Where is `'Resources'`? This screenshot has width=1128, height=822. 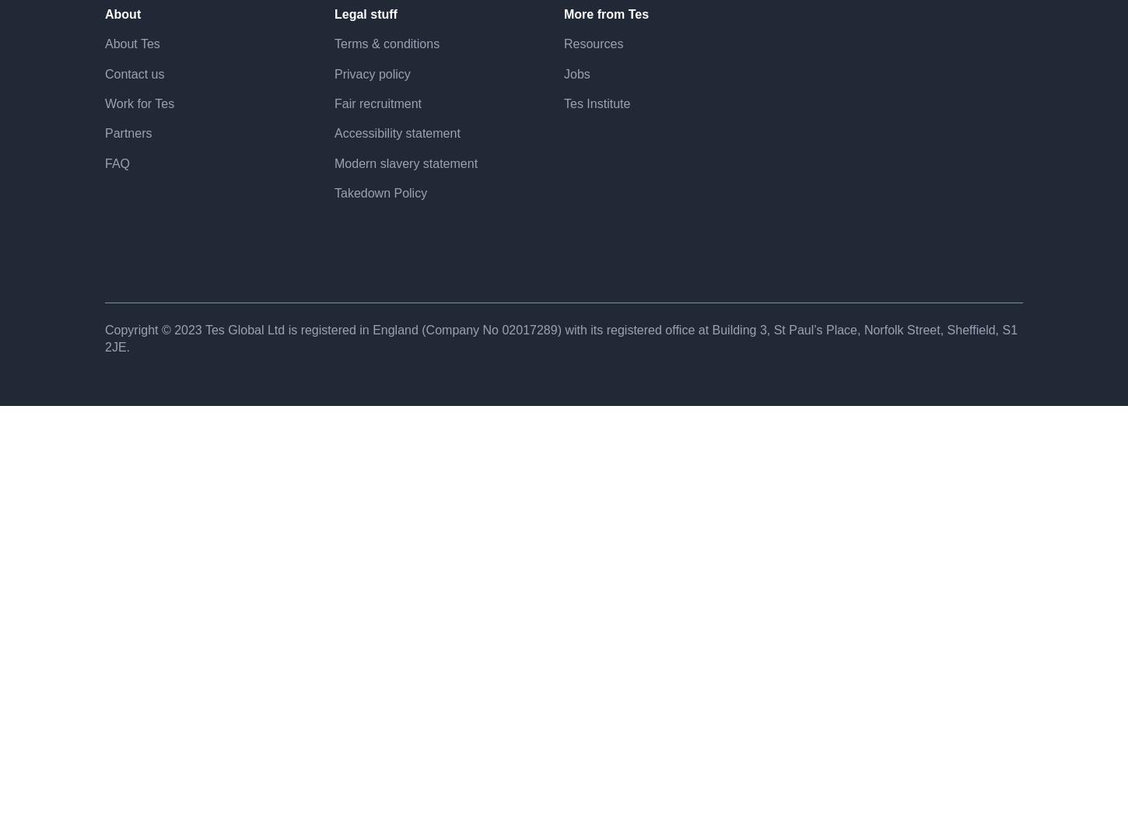
'Resources' is located at coordinates (593, 97).